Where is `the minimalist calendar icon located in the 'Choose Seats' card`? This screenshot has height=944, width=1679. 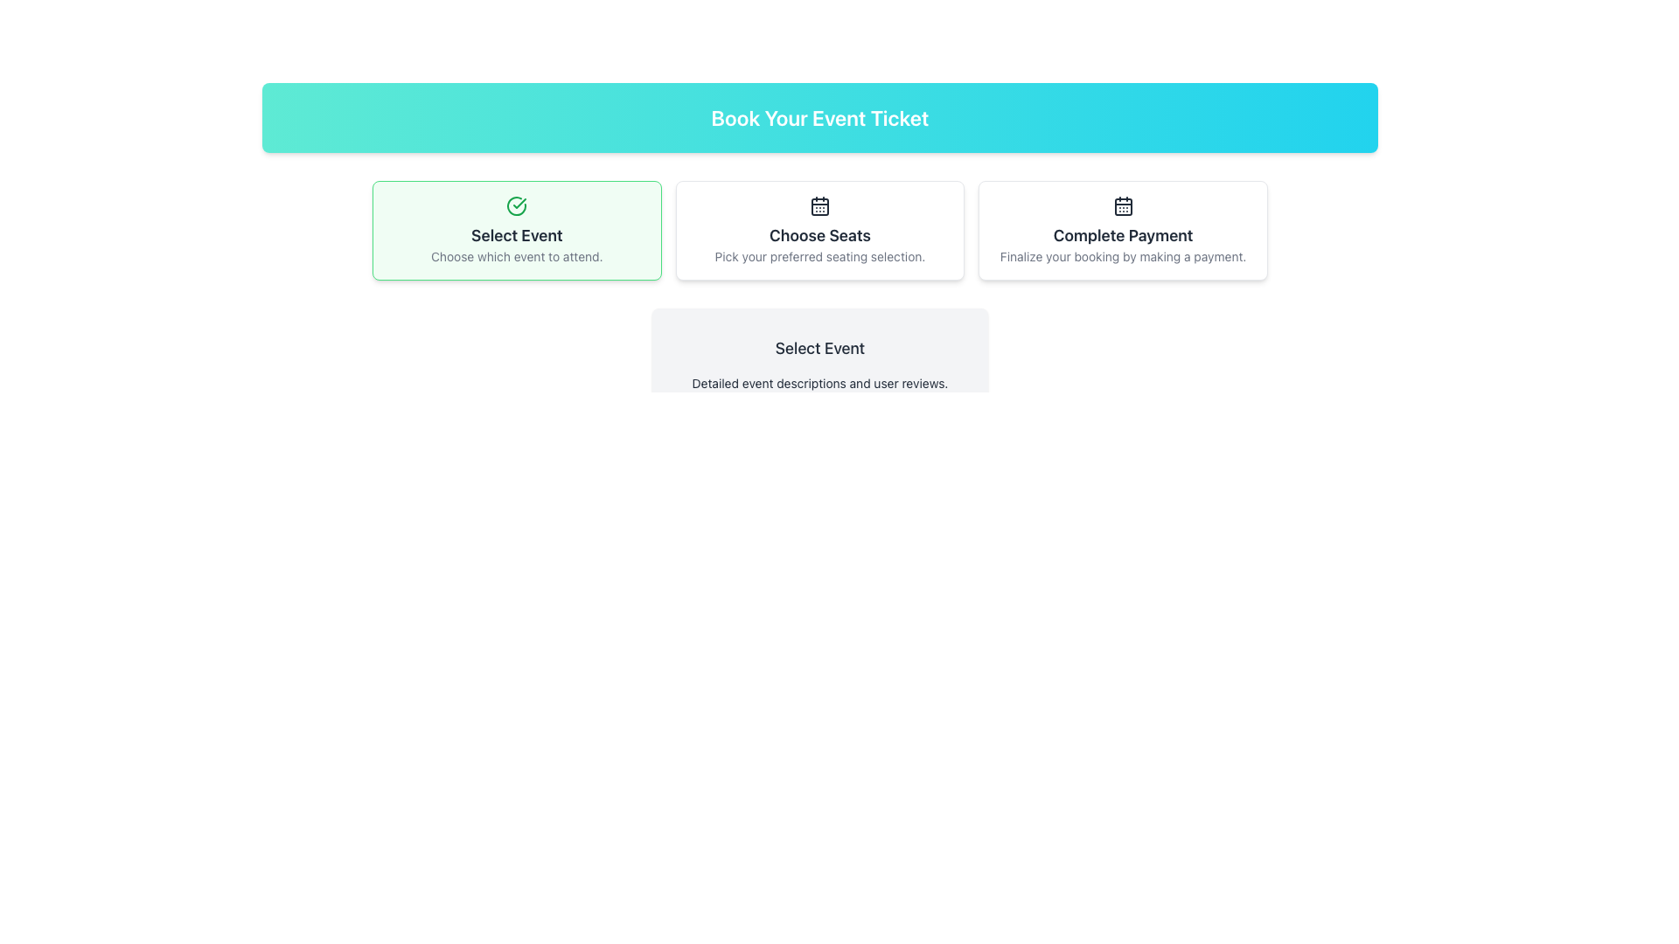
the minimalist calendar icon located in the 'Choose Seats' card is located at coordinates (819, 205).